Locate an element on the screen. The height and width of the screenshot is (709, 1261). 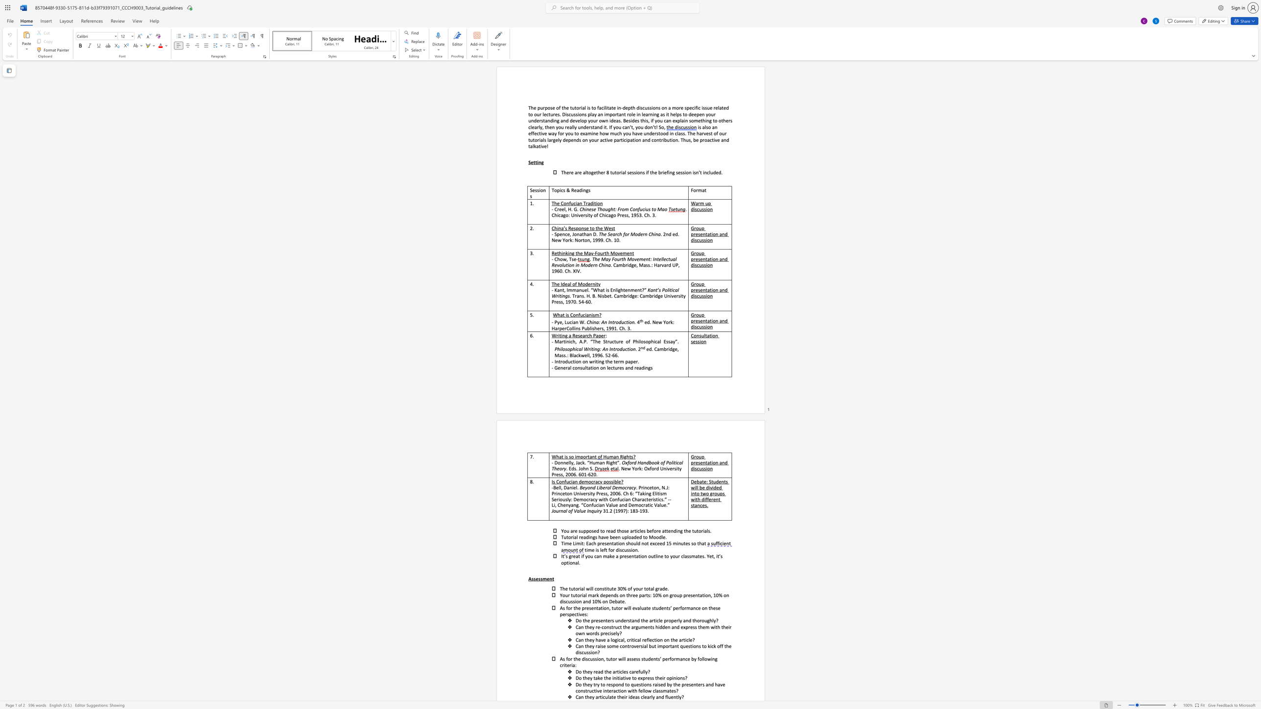
the subset text "UP, 1" within the text ". Cambridge, Mass.: Harvard UP, 1960. Ch. XIV." is located at coordinates (672, 265).